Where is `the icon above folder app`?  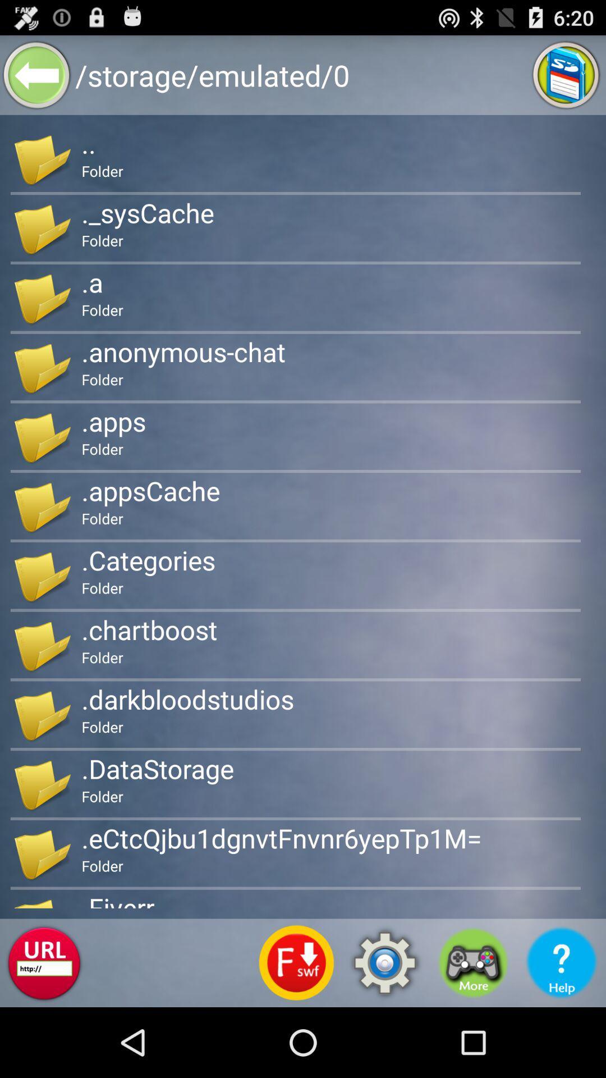 the icon above folder app is located at coordinates (88, 143).